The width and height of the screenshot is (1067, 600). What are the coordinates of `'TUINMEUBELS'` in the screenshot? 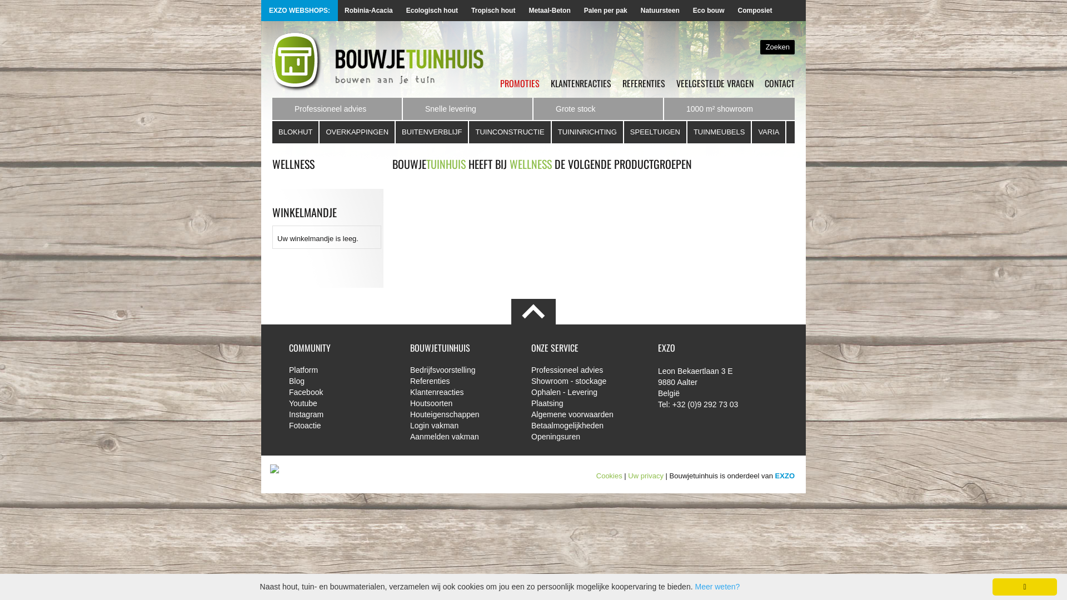 It's located at (720, 132).